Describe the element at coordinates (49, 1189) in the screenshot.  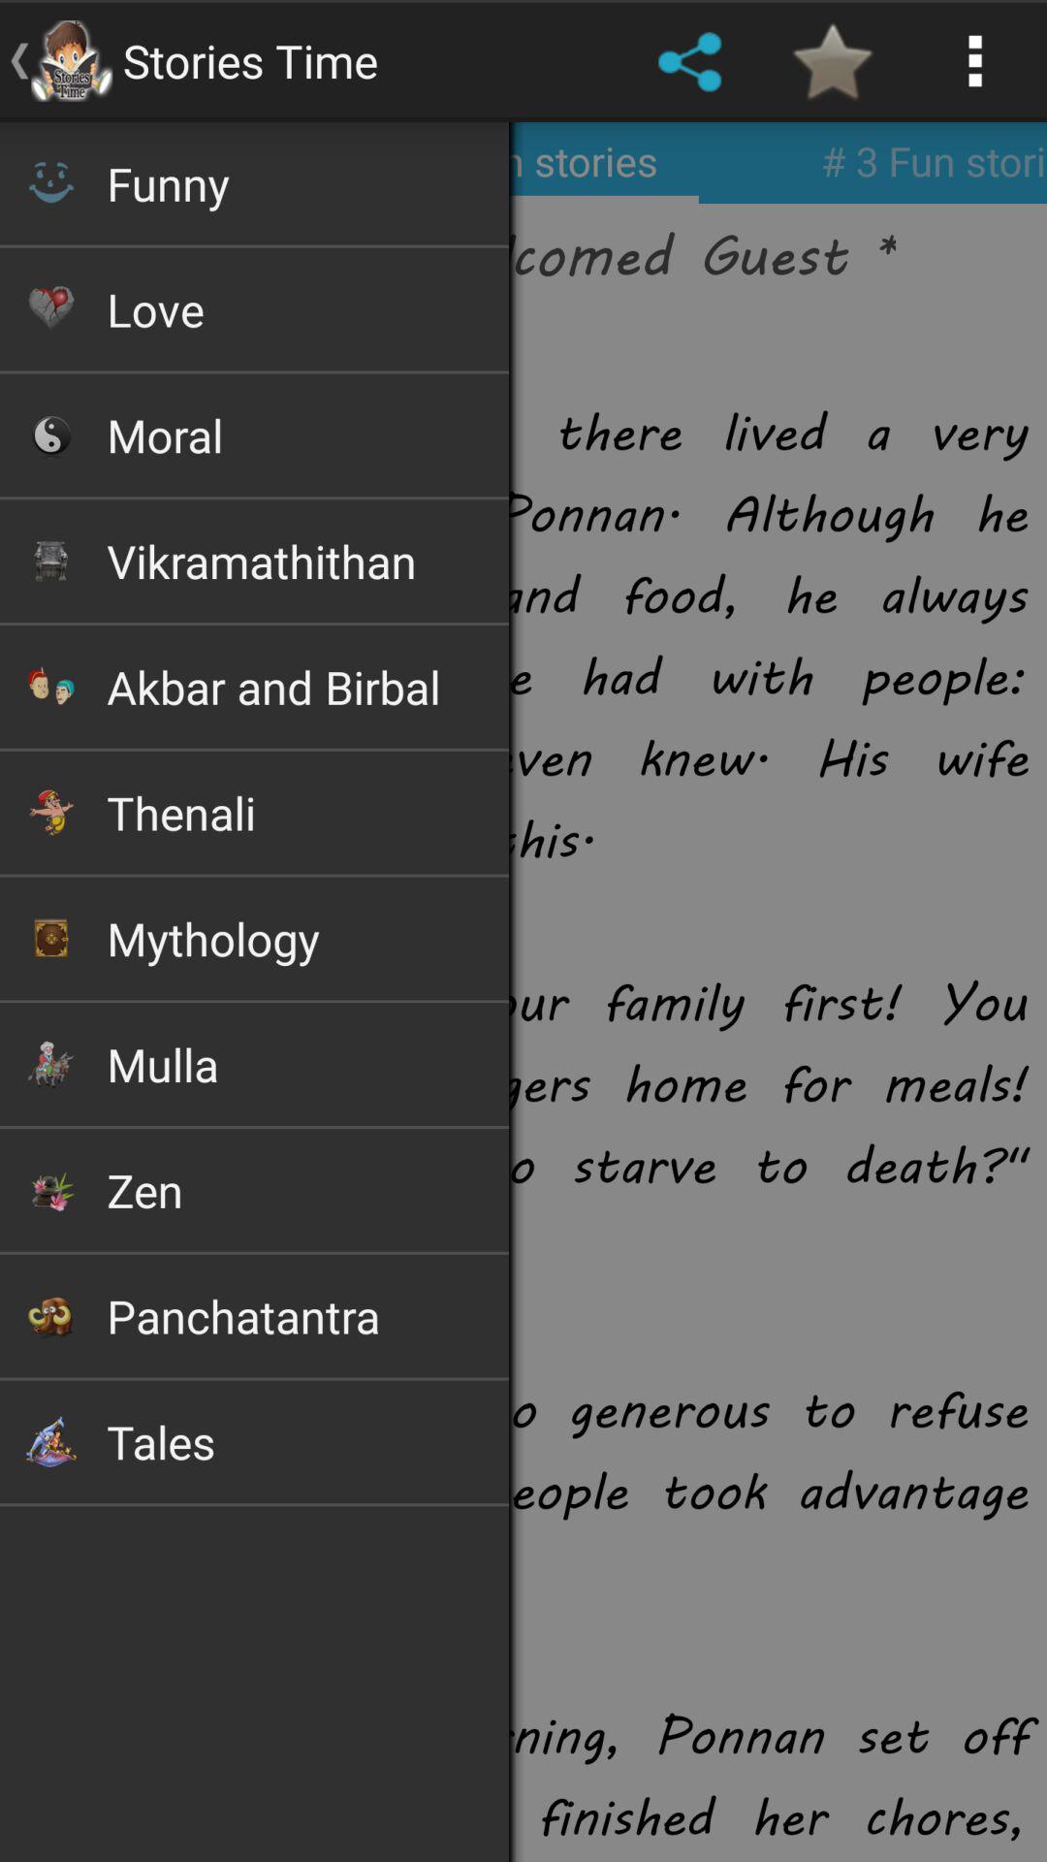
I see `image left to zen` at that location.